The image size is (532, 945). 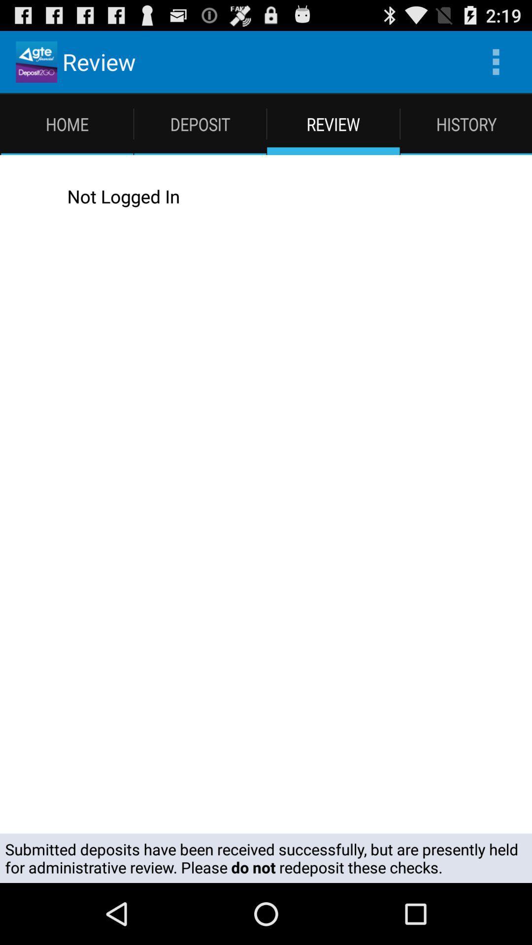 I want to click on app below home app, so click(x=276, y=196).